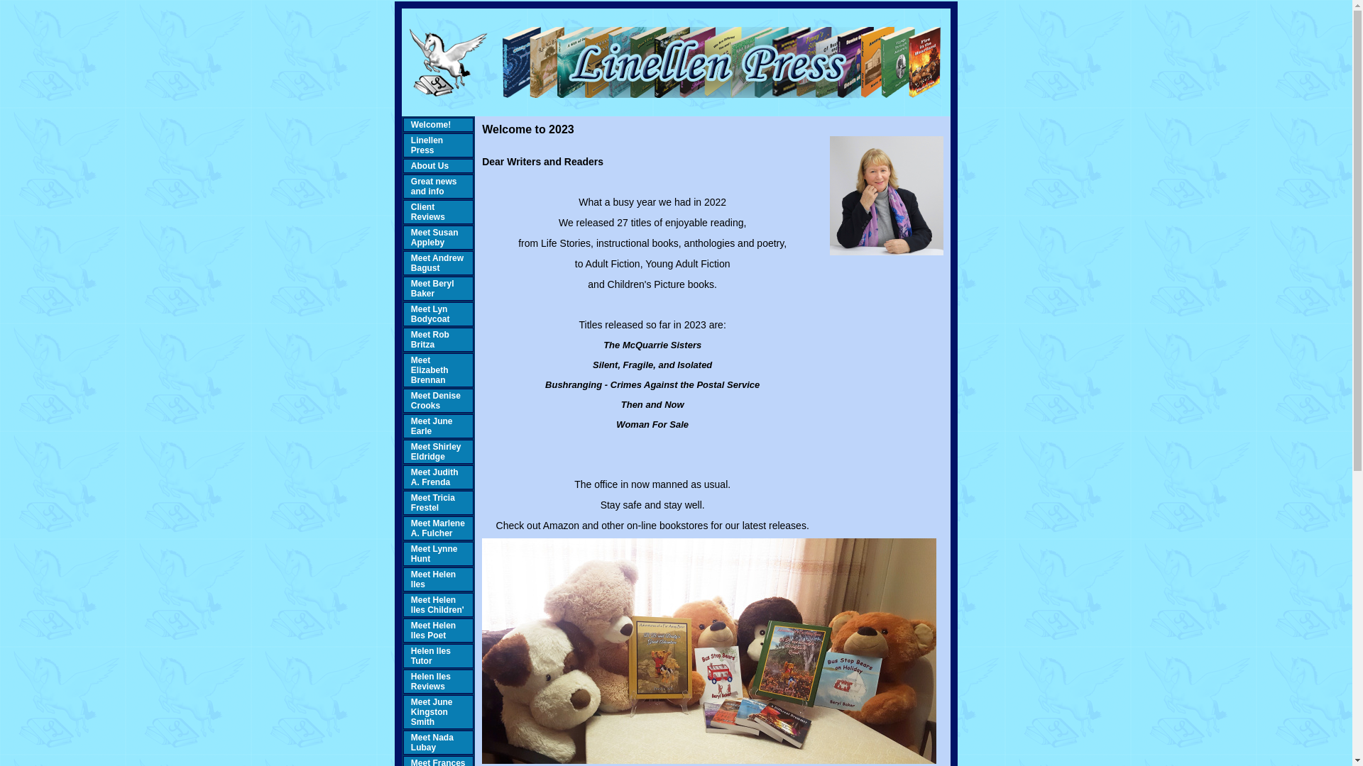 The image size is (1363, 766). Describe the element at coordinates (435, 451) in the screenshot. I see `'Meet Shirley Eldridge'` at that location.